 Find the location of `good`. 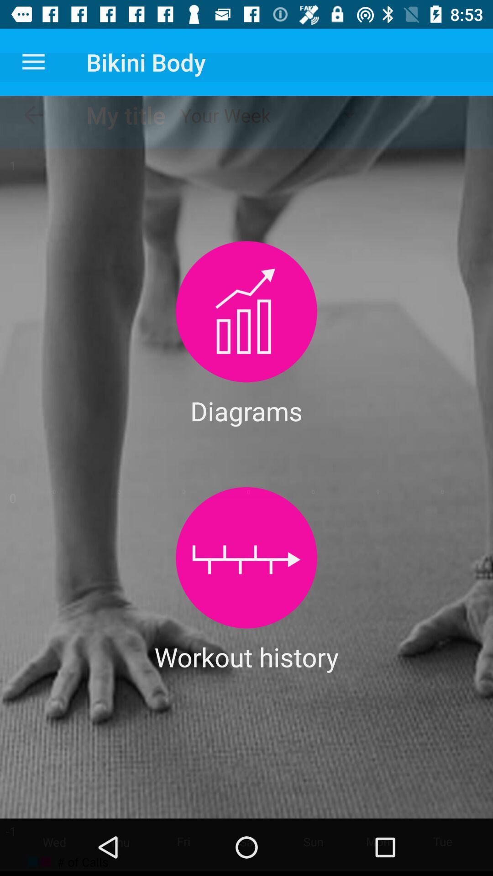

good is located at coordinates (246, 557).